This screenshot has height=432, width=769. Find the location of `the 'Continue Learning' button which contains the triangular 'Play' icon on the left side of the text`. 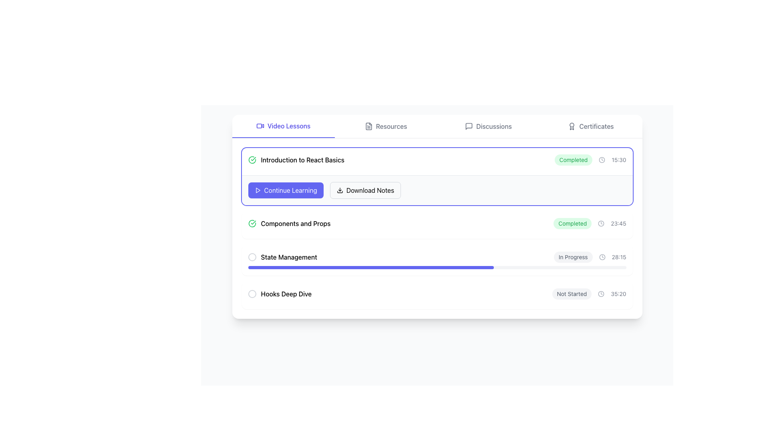

the 'Continue Learning' button which contains the triangular 'Play' icon on the left side of the text is located at coordinates (258, 190).